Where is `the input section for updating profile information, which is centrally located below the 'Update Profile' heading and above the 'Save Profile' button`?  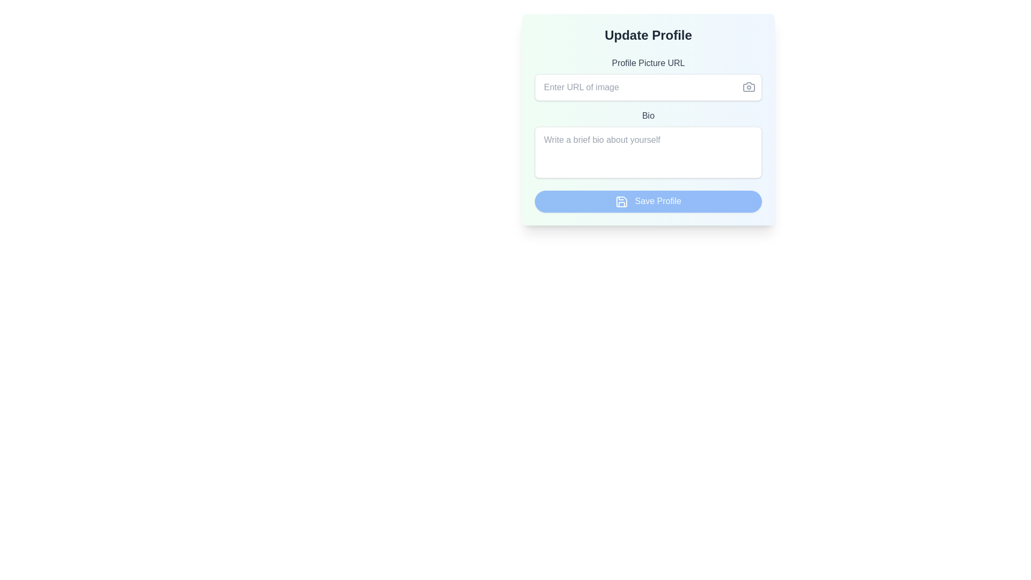
the input section for updating profile information, which is centrally located below the 'Update Profile' heading and above the 'Save Profile' button is located at coordinates (648, 134).